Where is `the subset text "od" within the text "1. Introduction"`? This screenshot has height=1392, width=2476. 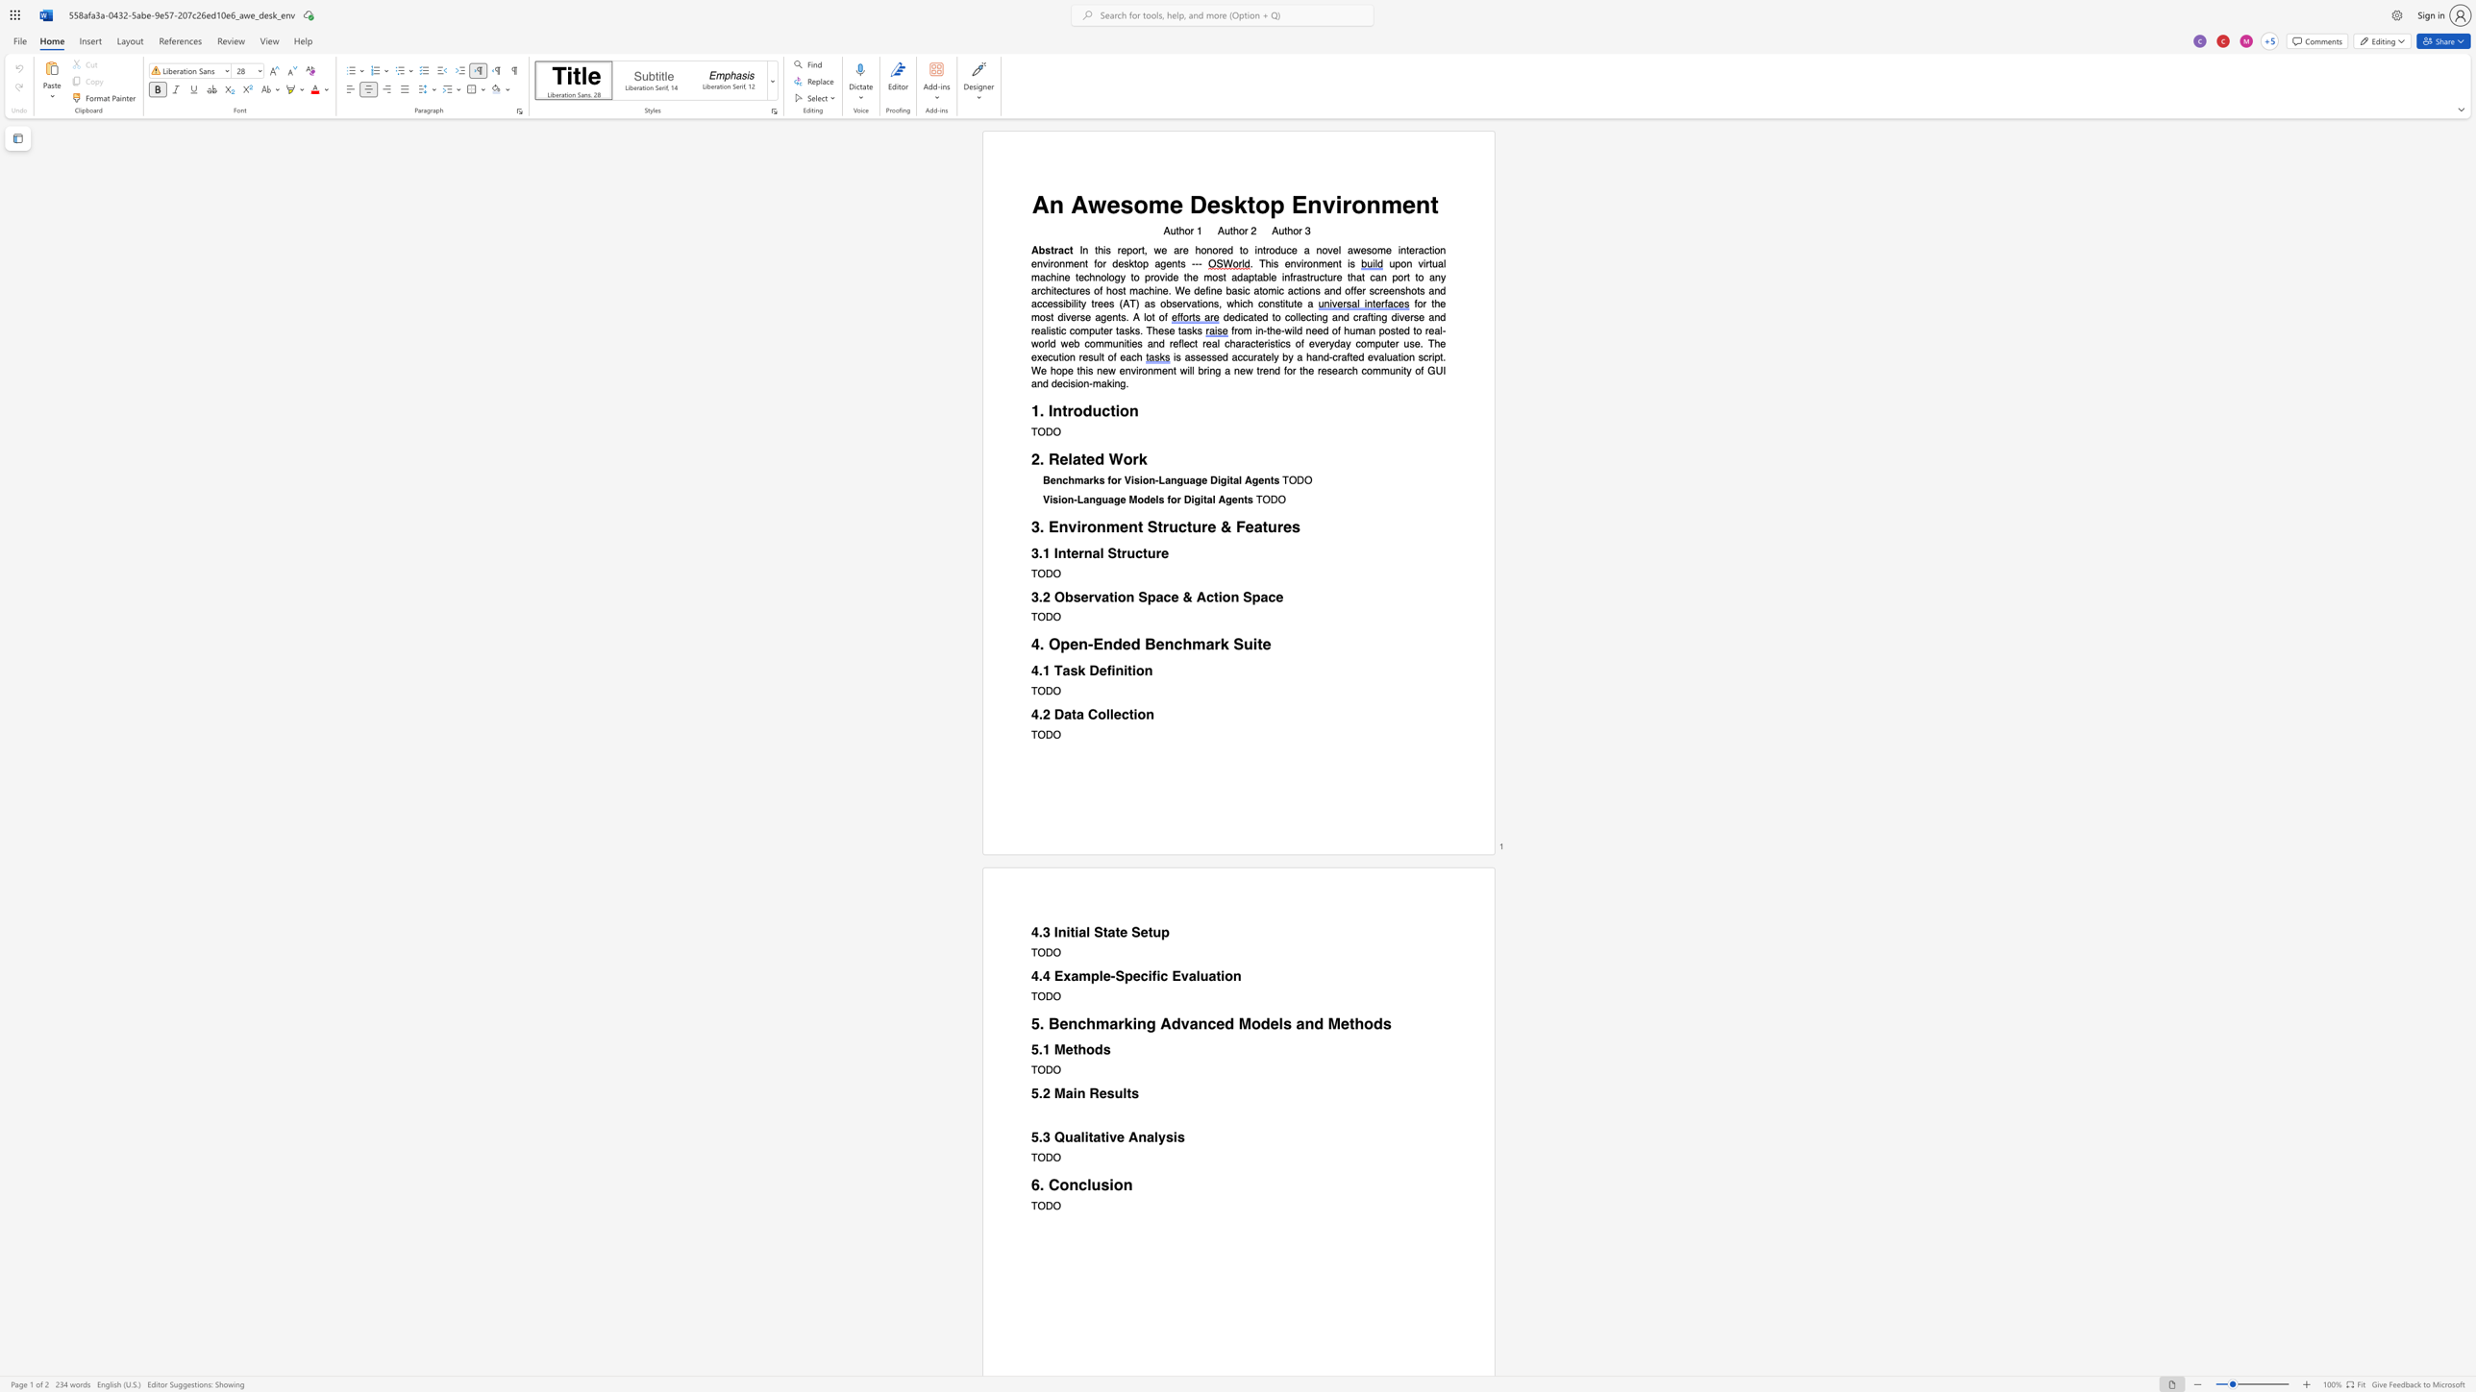 the subset text "od" within the text "1. Introduction" is located at coordinates (1073, 410).